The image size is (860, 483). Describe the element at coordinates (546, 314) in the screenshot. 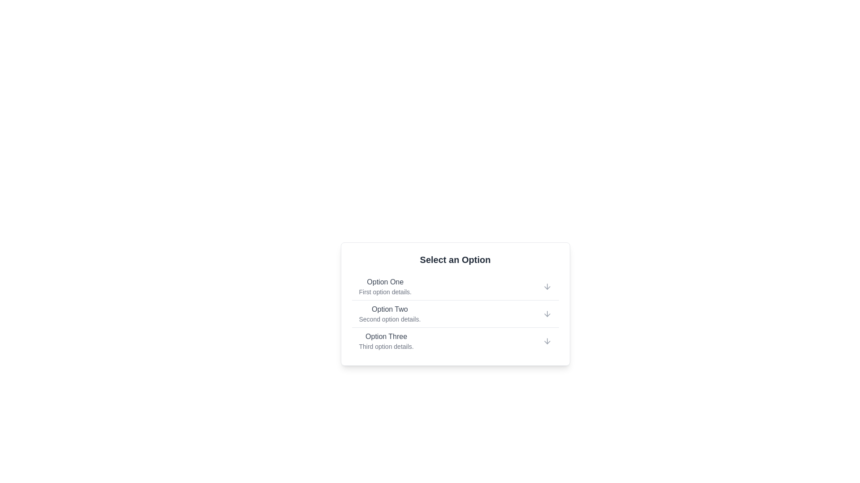

I see `the downward arrow icon located in the clickable row labeled 'Option Two', positioned towards the far right of the row, aligning horizontally with the text 'Option Two'` at that location.